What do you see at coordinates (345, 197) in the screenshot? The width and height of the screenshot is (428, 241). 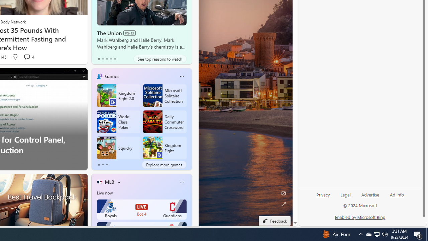 I see `'Legal'` at bounding box center [345, 197].